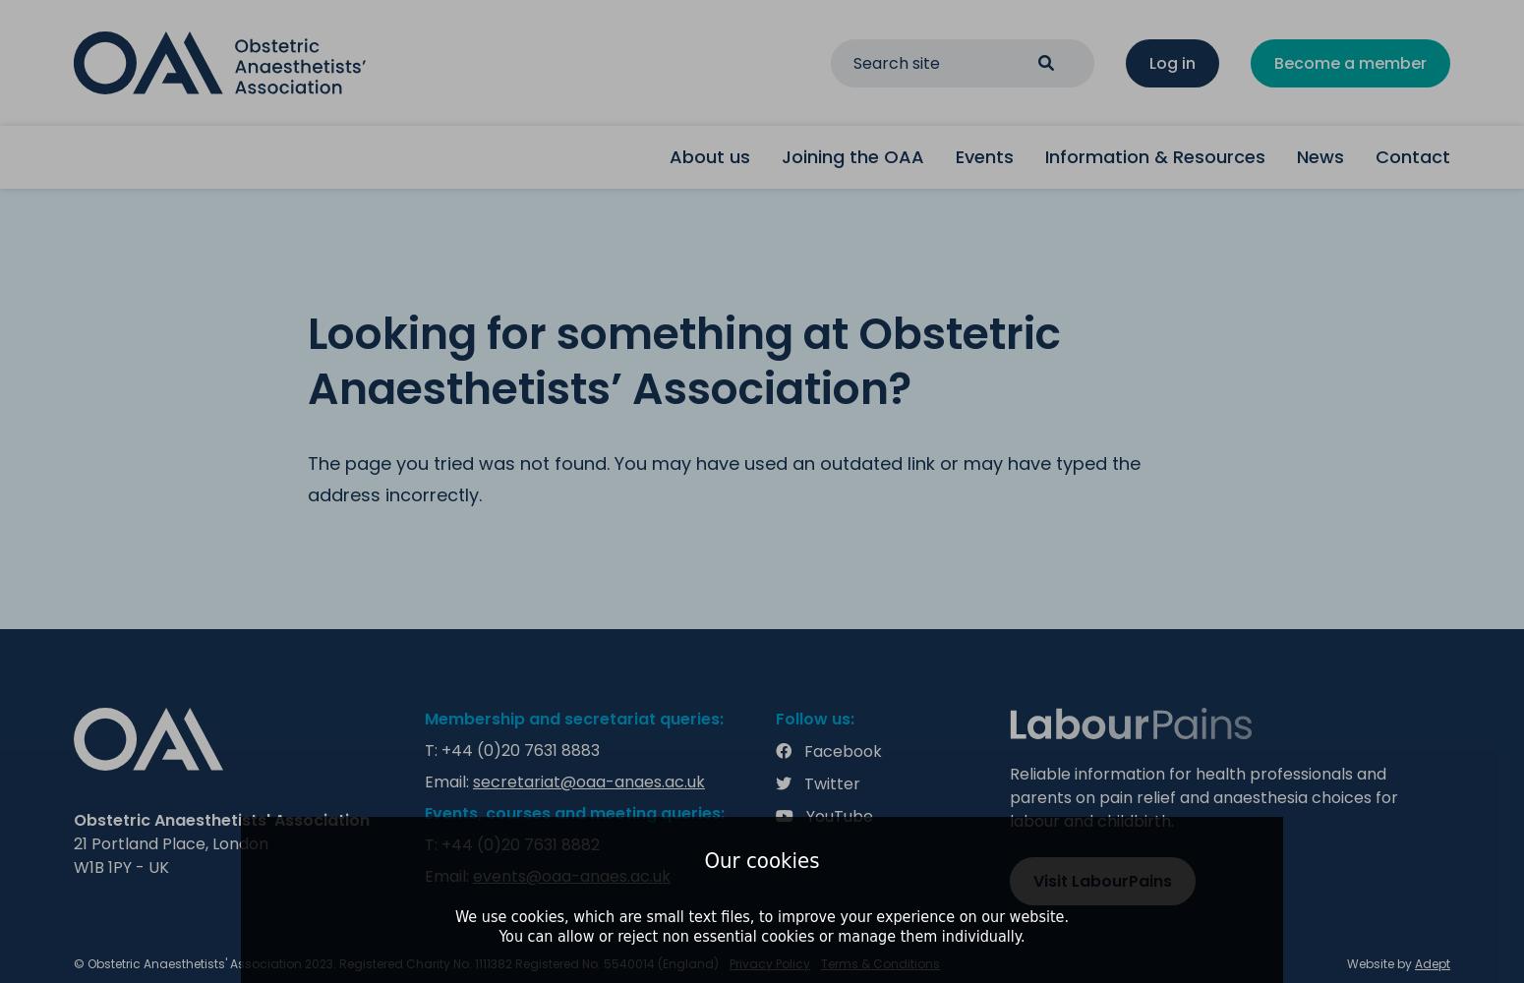 The height and width of the screenshot is (983, 1524). What do you see at coordinates (843, 751) in the screenshot?
I see `'Facebook'` at bounding box center [843, 751].